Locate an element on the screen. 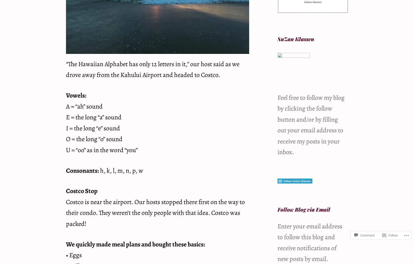 This screenshot has width=414, height=264. 'Costco is near the airport. Our hosts stopped there first on the way to their condo. They weren’t the only people with that idea. Costco was packed!' is located at coordinates (155, 212).